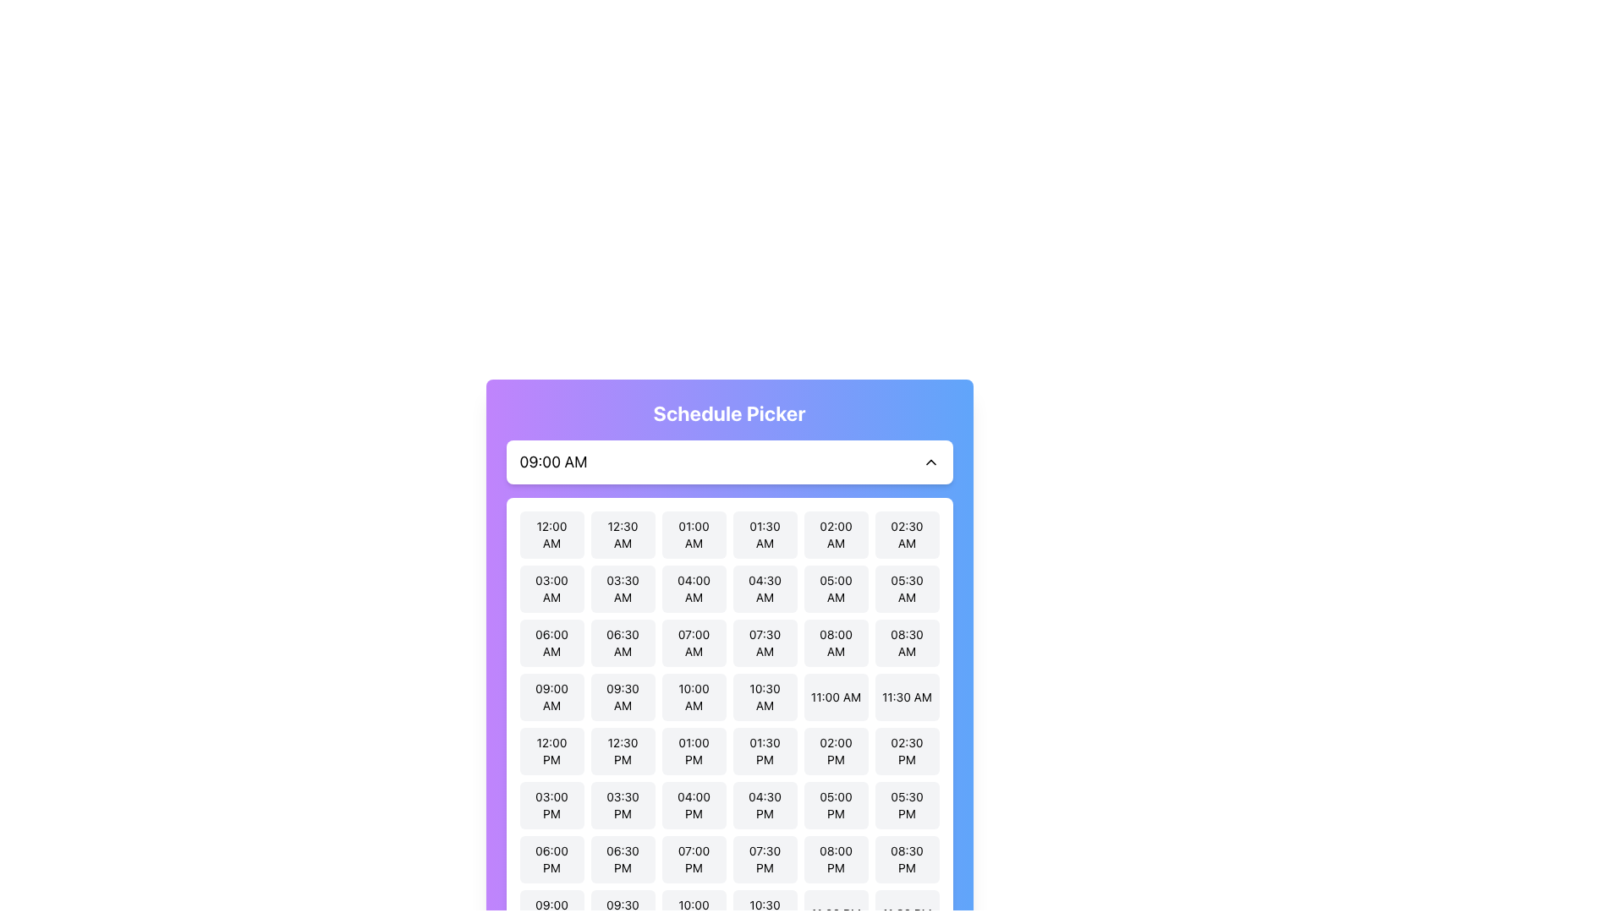  I want to click on the button displaying the time '02:00 AM', so click(836, 534).